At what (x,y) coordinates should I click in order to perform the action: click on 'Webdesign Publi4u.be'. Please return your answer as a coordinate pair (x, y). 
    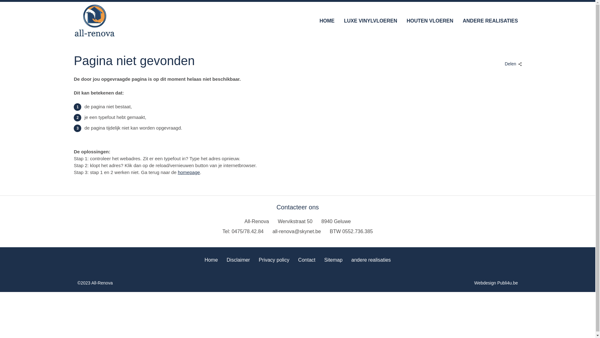
    Looking at the image, I should click on (496, 283).